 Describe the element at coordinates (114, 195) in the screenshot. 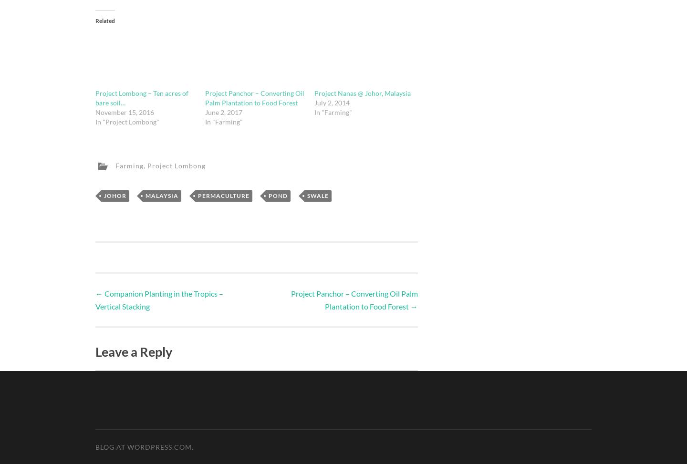

I see `'Johor'` at that location.